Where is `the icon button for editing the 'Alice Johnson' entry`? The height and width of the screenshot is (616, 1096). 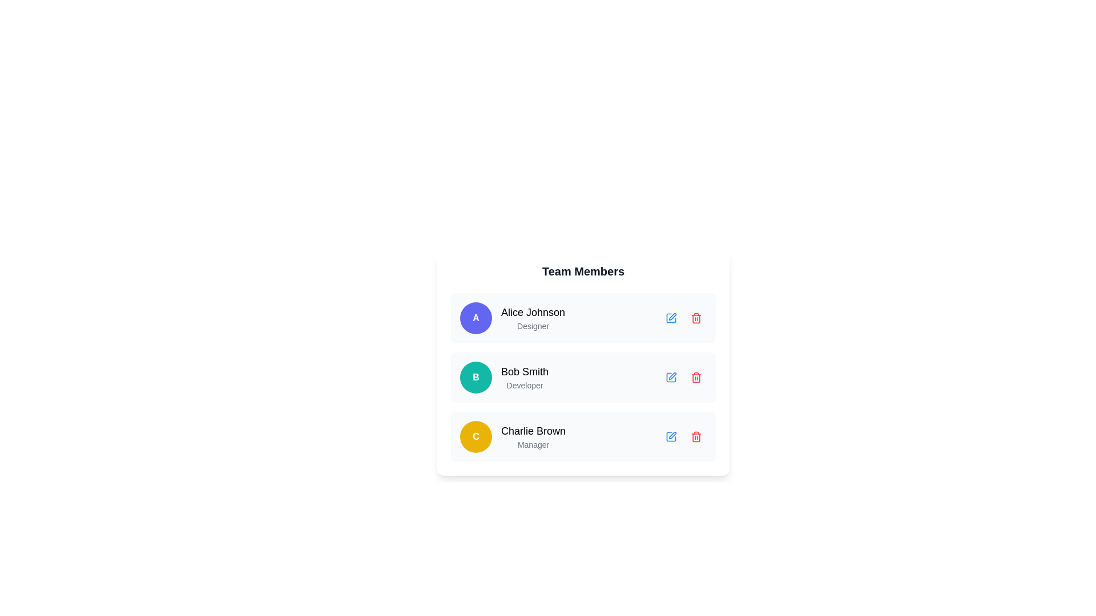 the icon button for editing the 'Alice Johnson' entry is located at coordinates (671, 318).